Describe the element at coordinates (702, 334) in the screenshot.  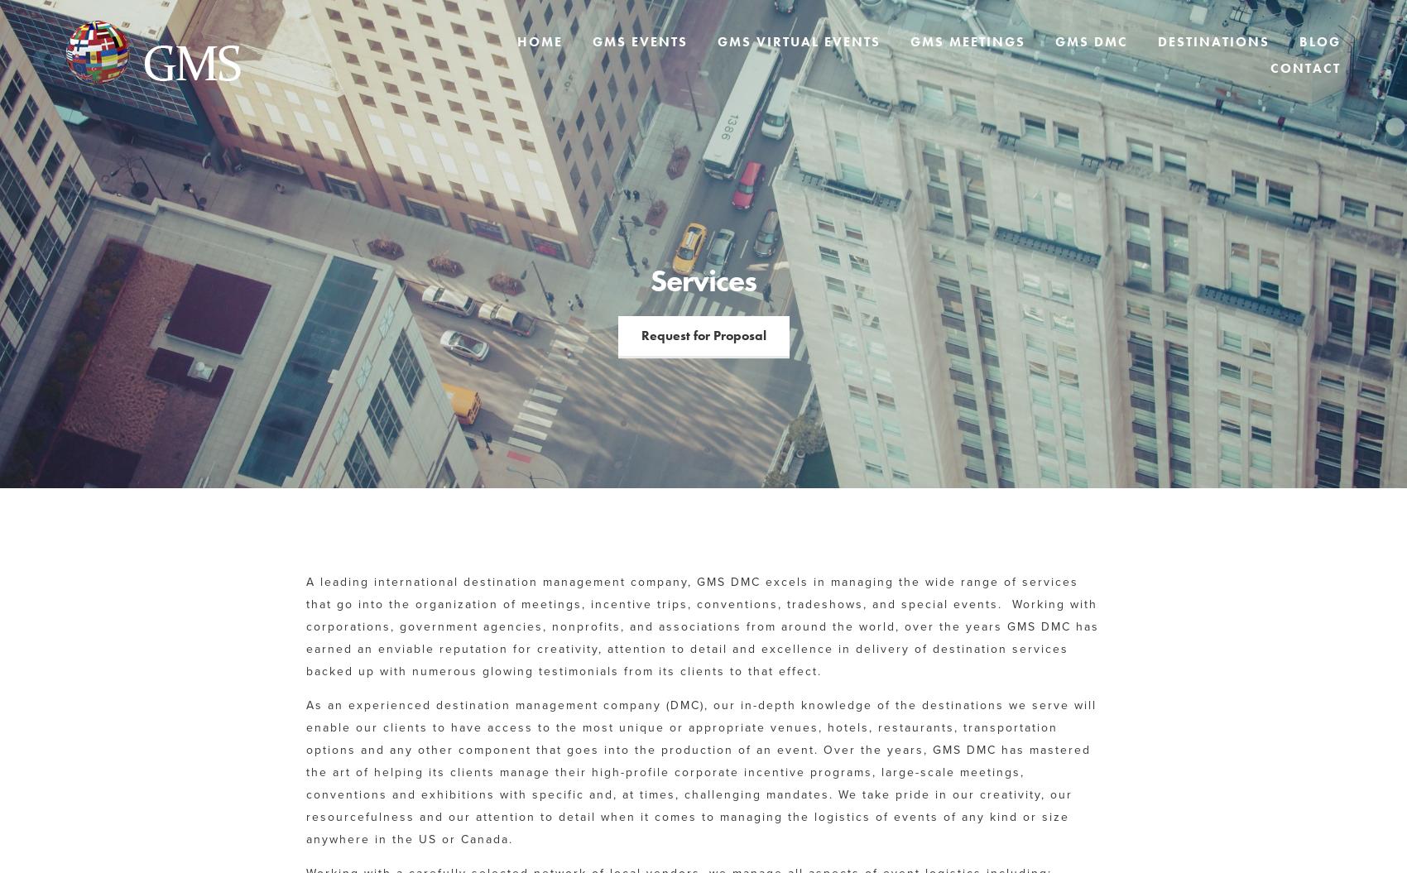
I see `'Request for Proposal'` at that location.